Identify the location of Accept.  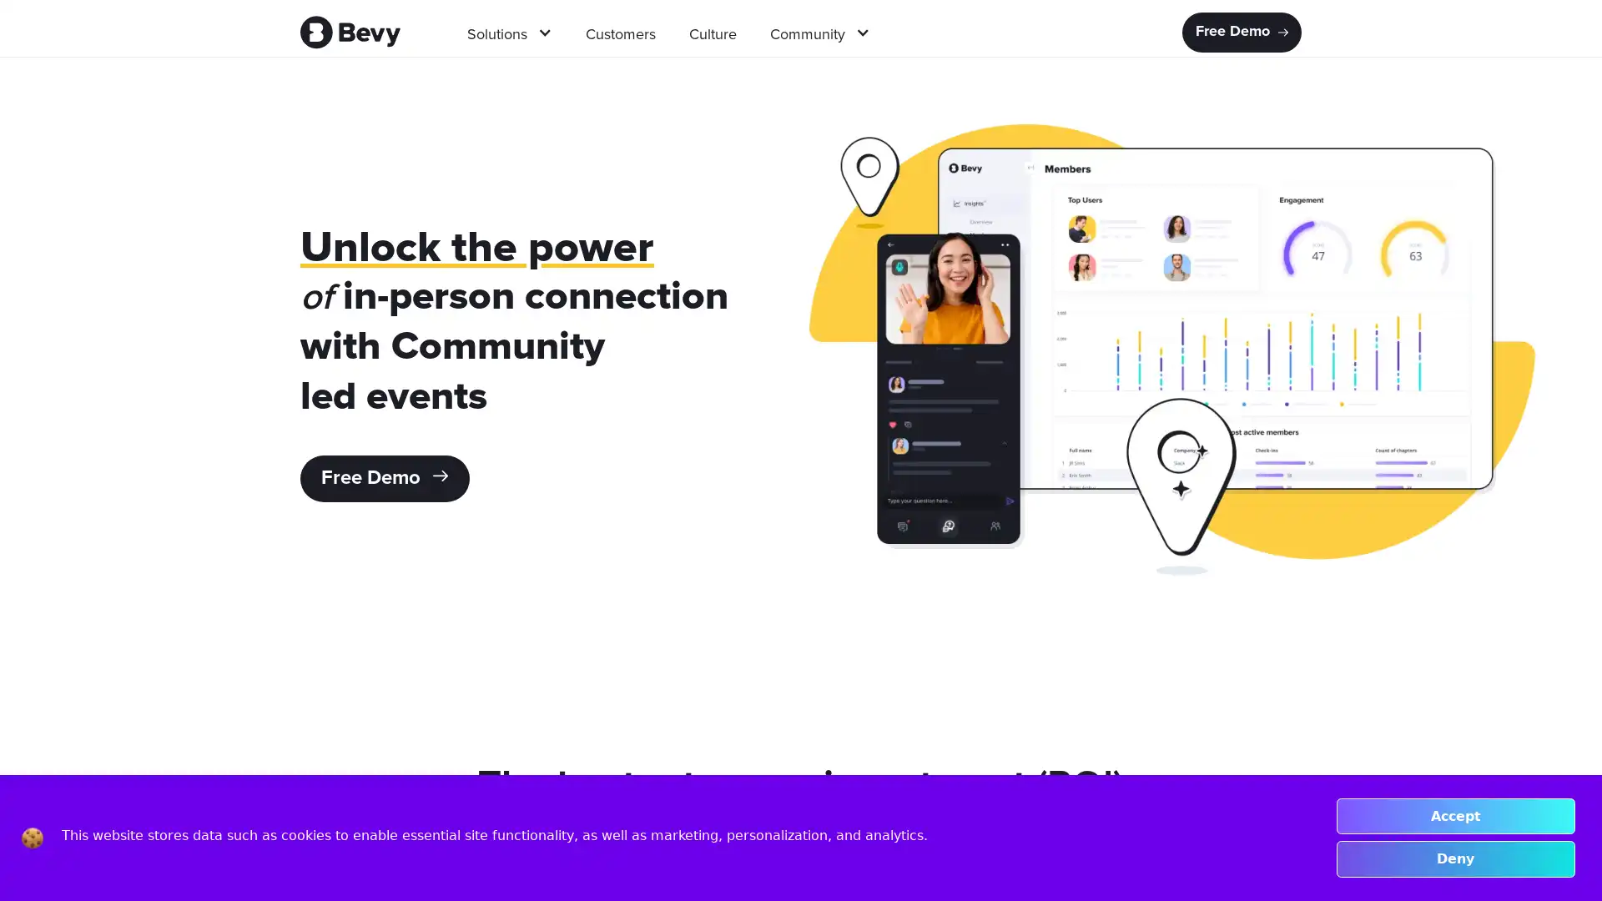
(1454, 815).